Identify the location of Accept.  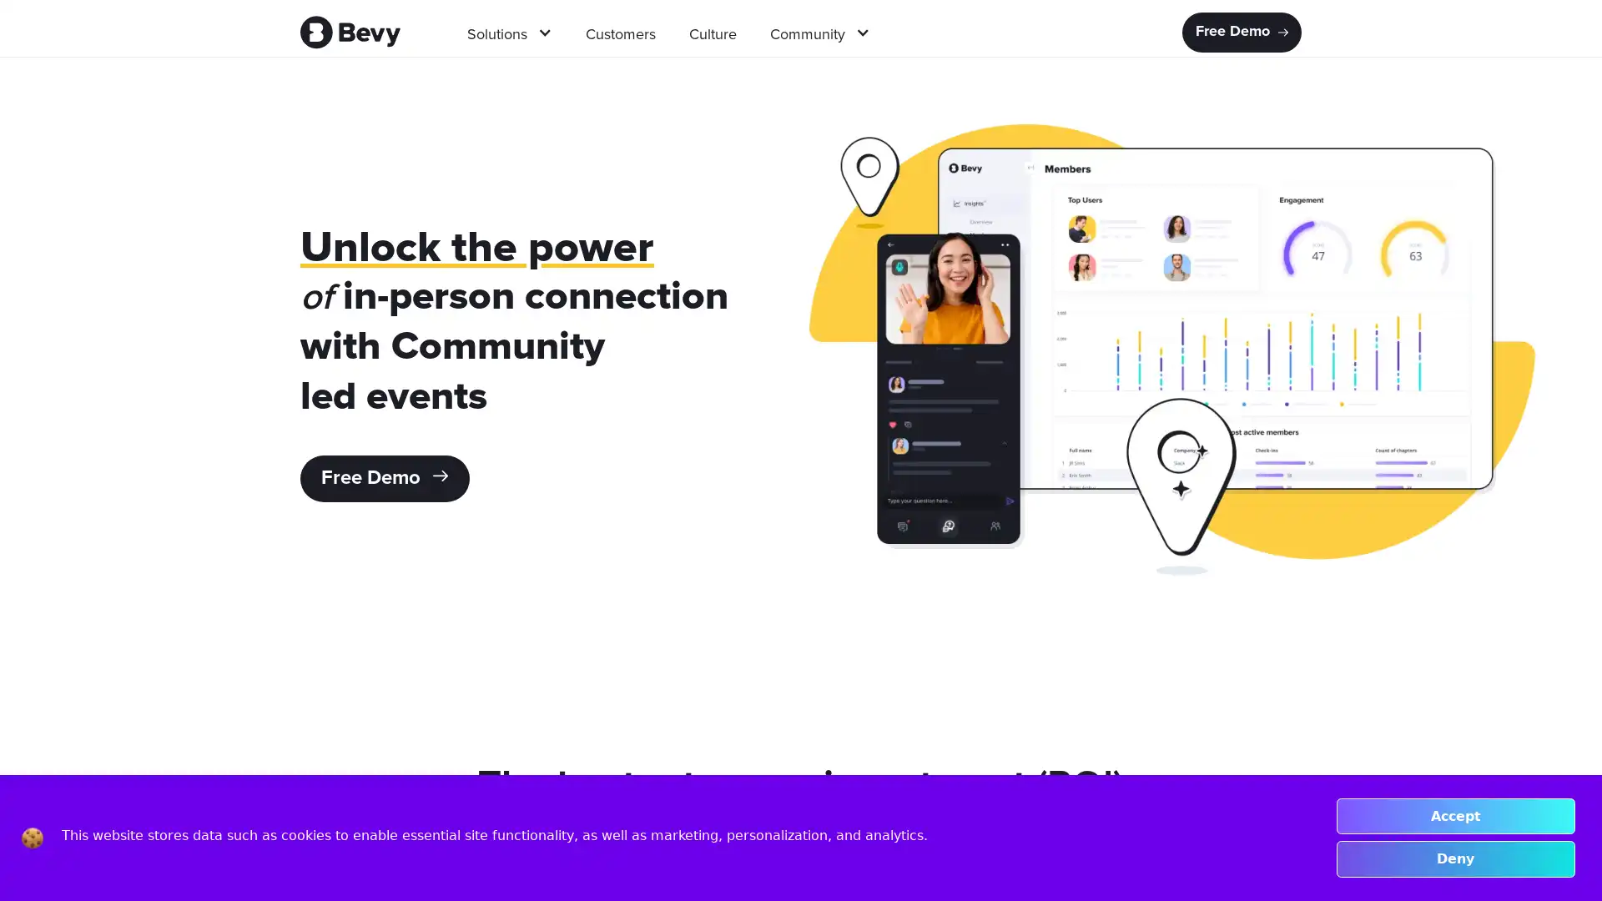
(1454, 815).